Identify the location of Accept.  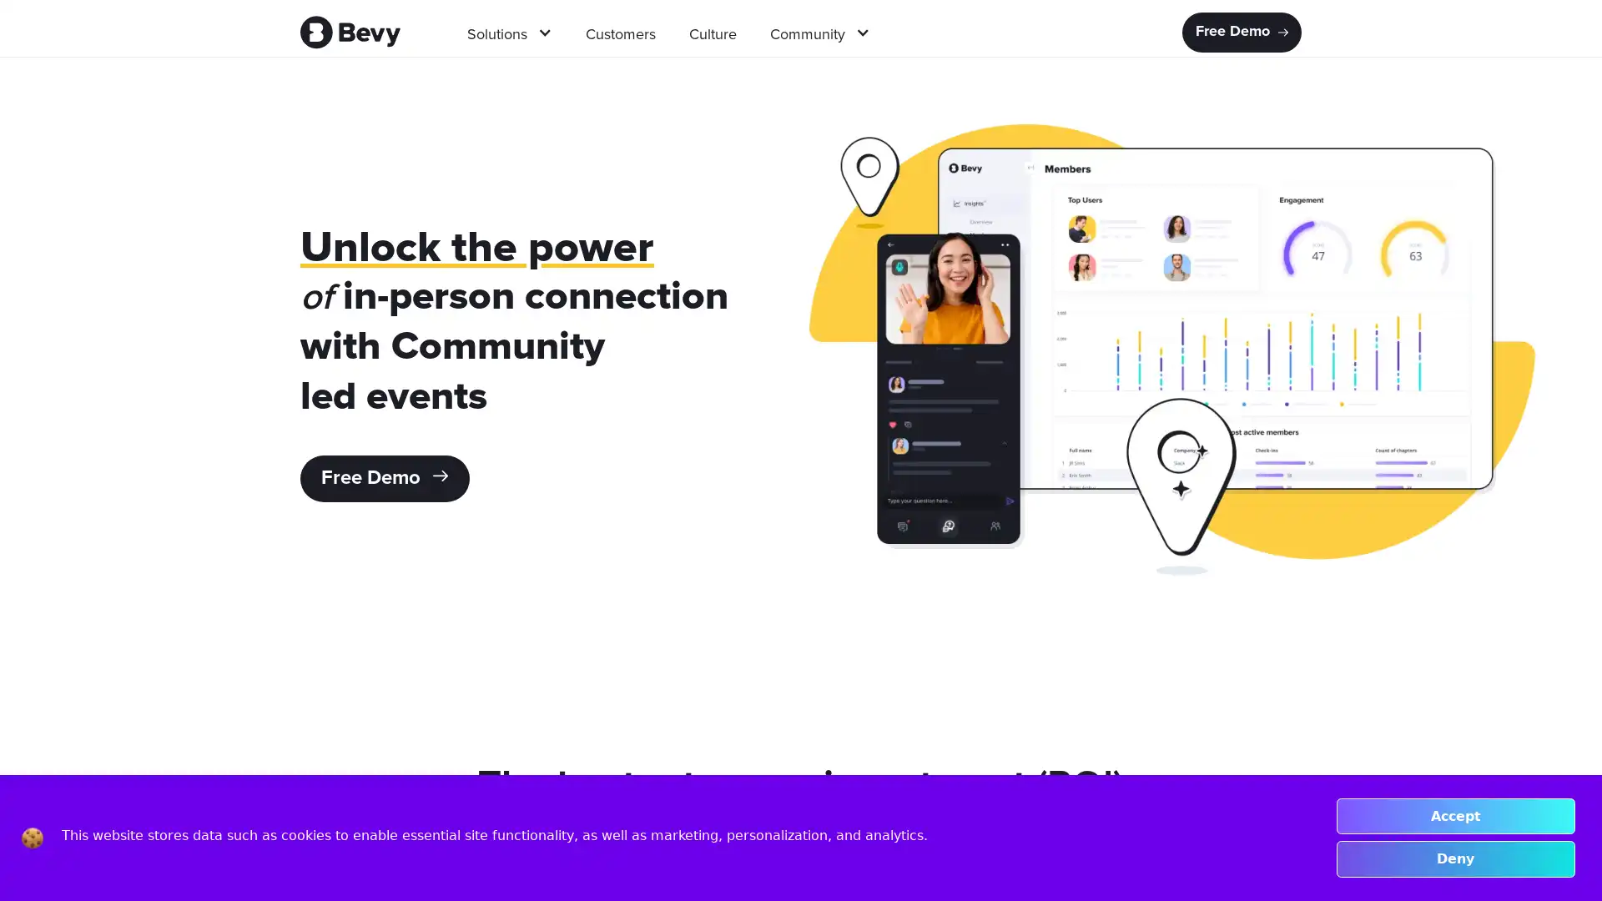
(1454, 815).